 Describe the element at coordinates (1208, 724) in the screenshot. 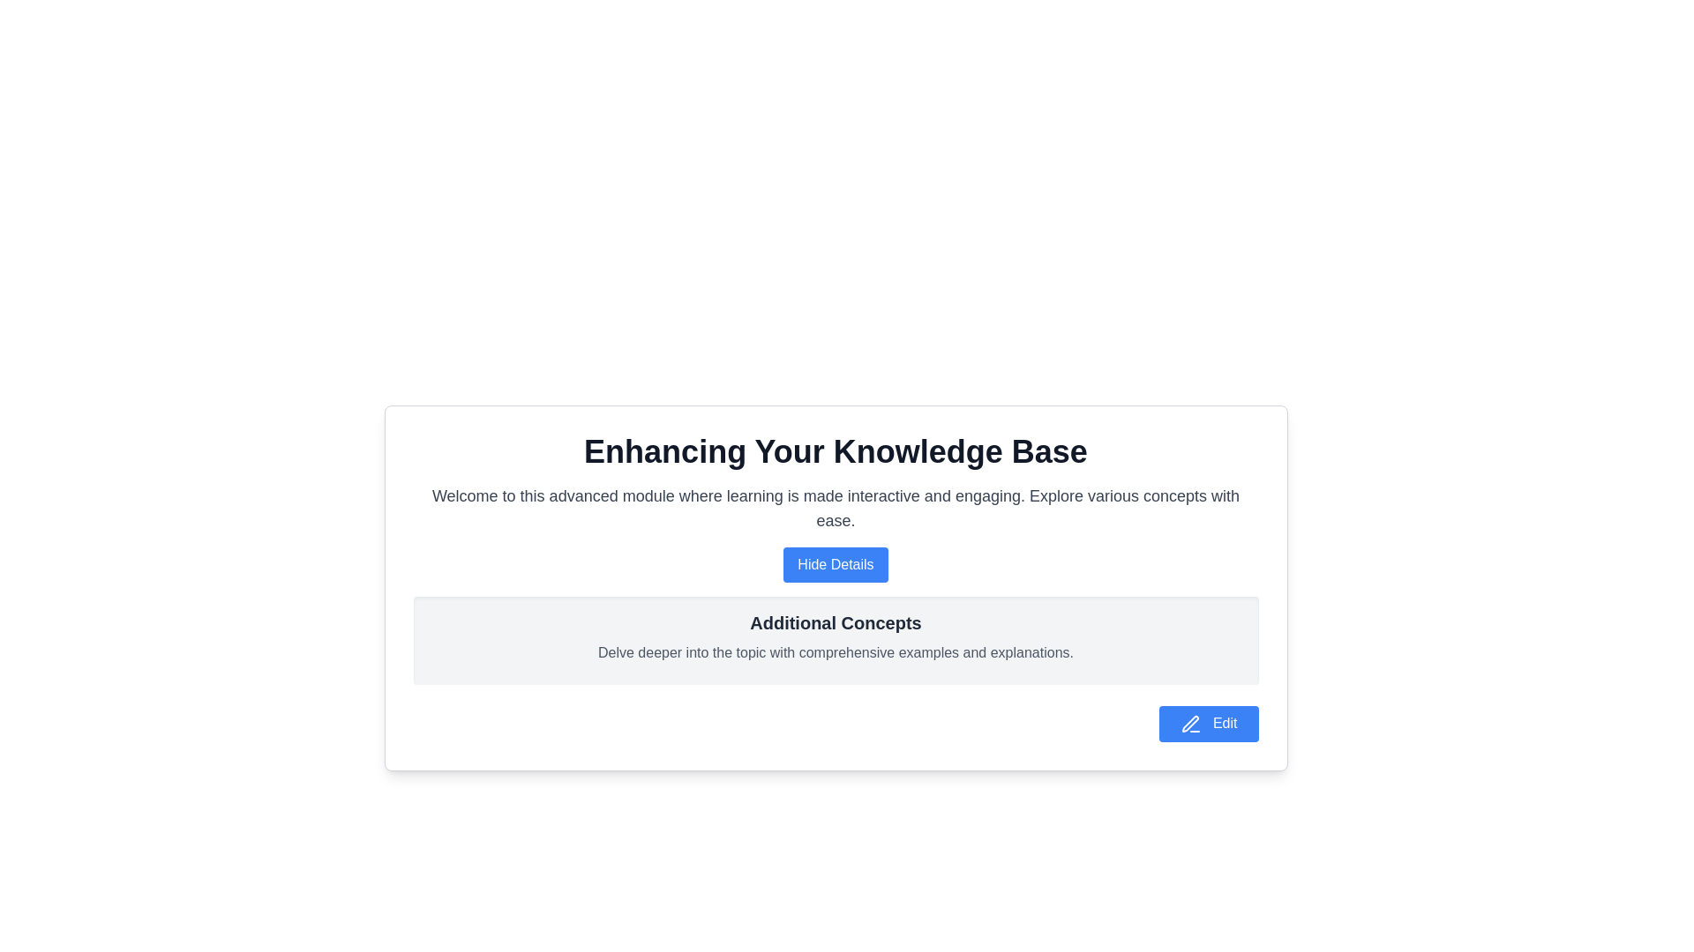

I see `the blue rectangular button labeled 'Edit' with a white pen icon` at that location.